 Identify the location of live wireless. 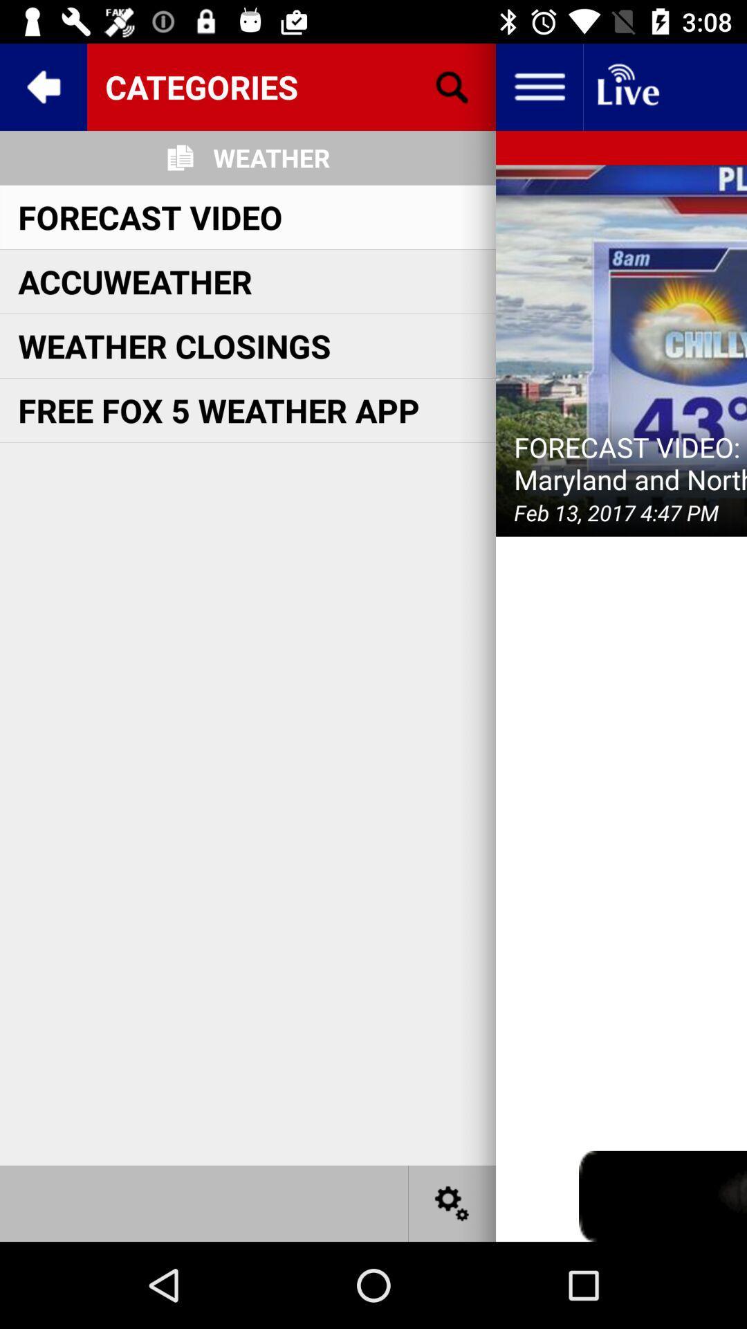
(627, 86).